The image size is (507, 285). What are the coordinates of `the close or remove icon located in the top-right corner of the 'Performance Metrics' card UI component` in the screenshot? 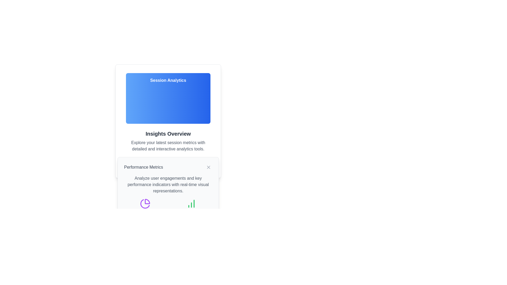 It's located at (208, 167).